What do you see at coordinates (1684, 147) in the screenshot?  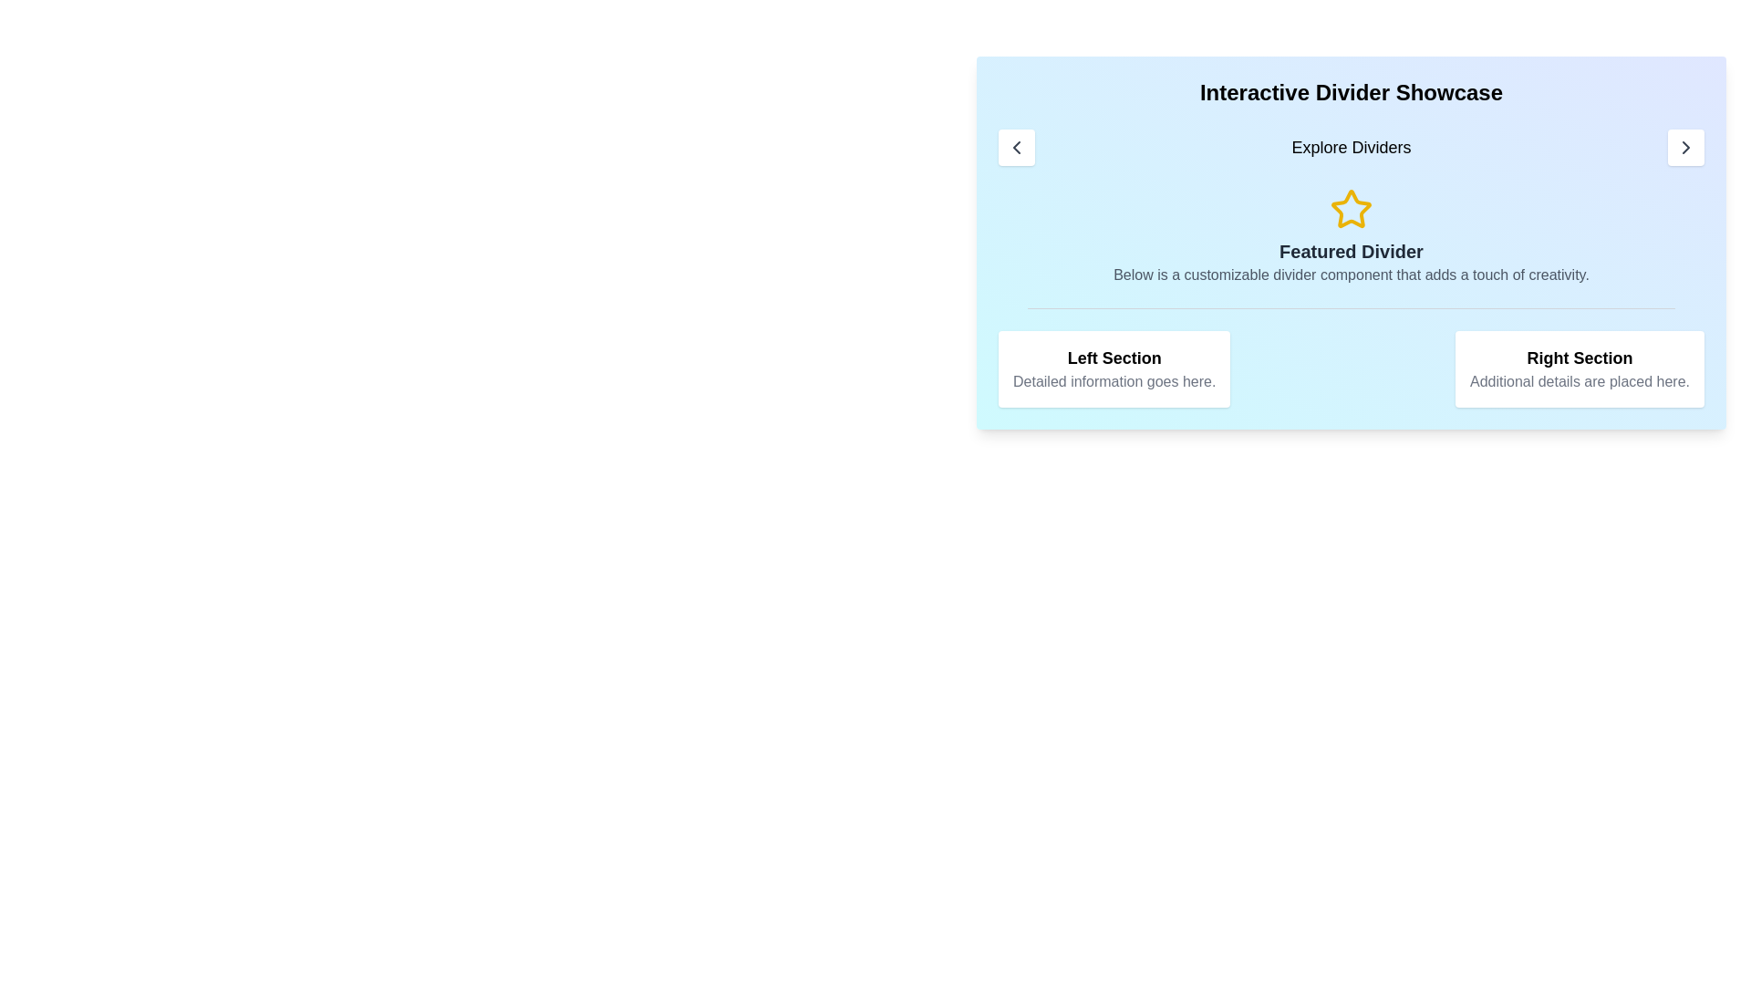 I see `the right-pointing chevron navigation icon located within the card on the right side of the interface` at bounding box center [1684, 147].